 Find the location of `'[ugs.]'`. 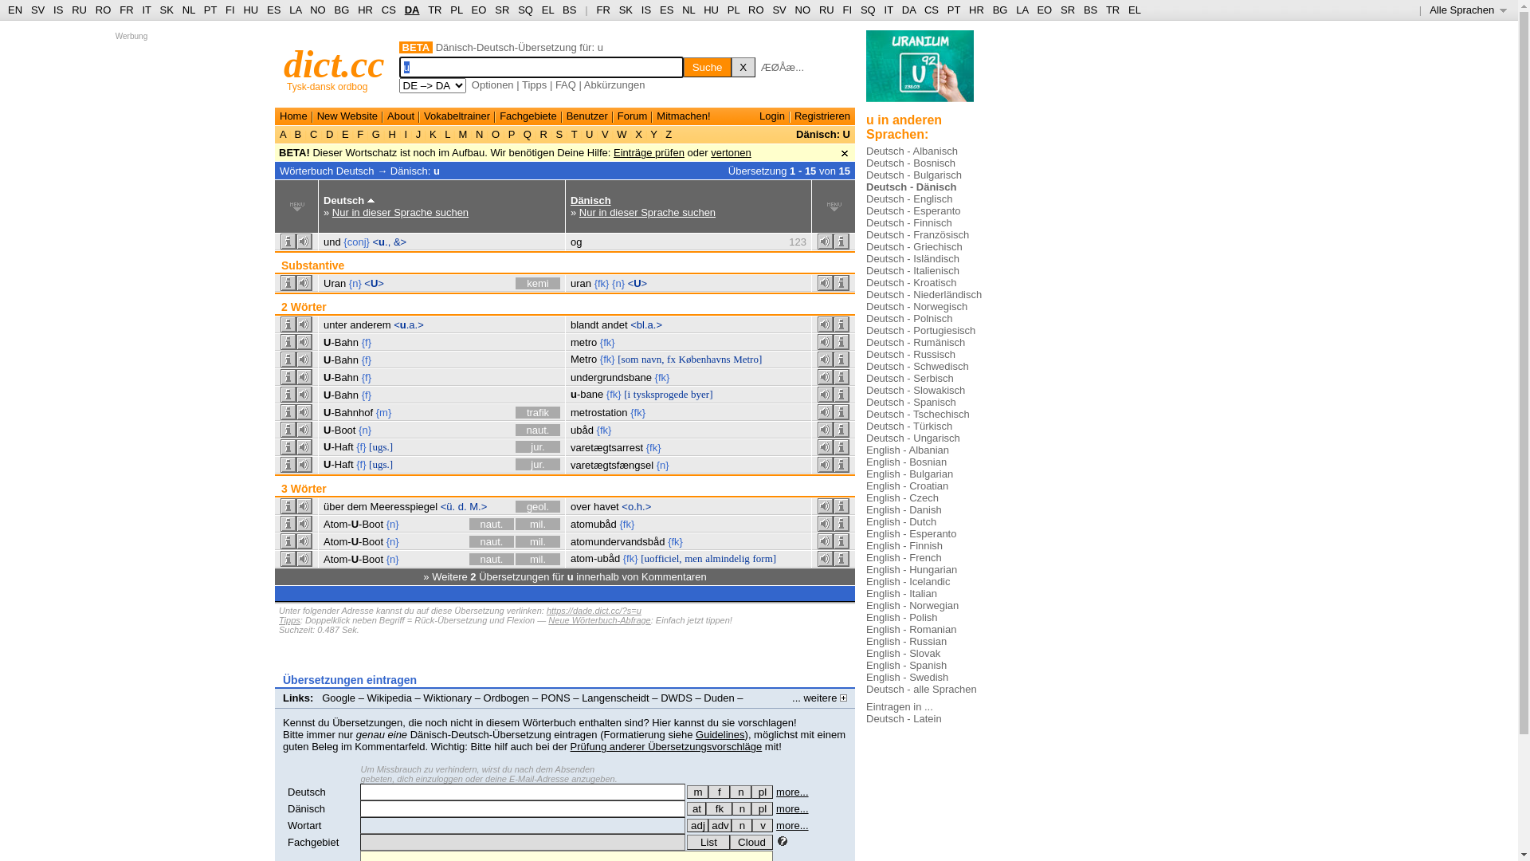

'[ugs.]' is located at coordinates (380, 464).